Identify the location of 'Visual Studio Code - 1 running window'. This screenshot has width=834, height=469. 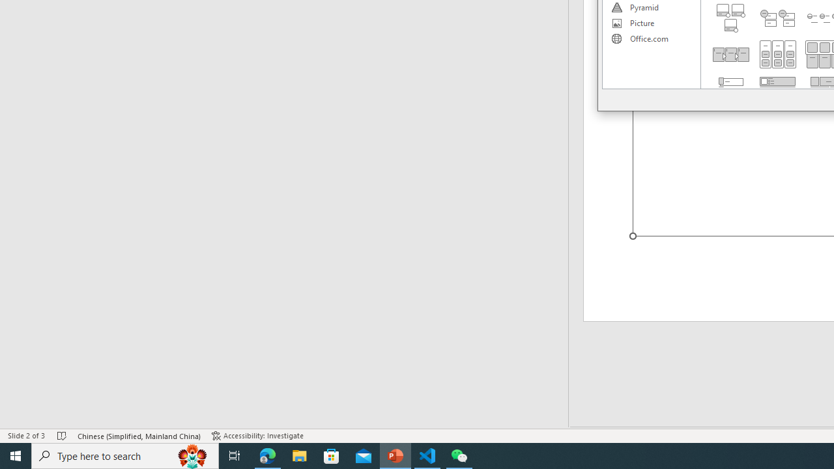
(427, 455).